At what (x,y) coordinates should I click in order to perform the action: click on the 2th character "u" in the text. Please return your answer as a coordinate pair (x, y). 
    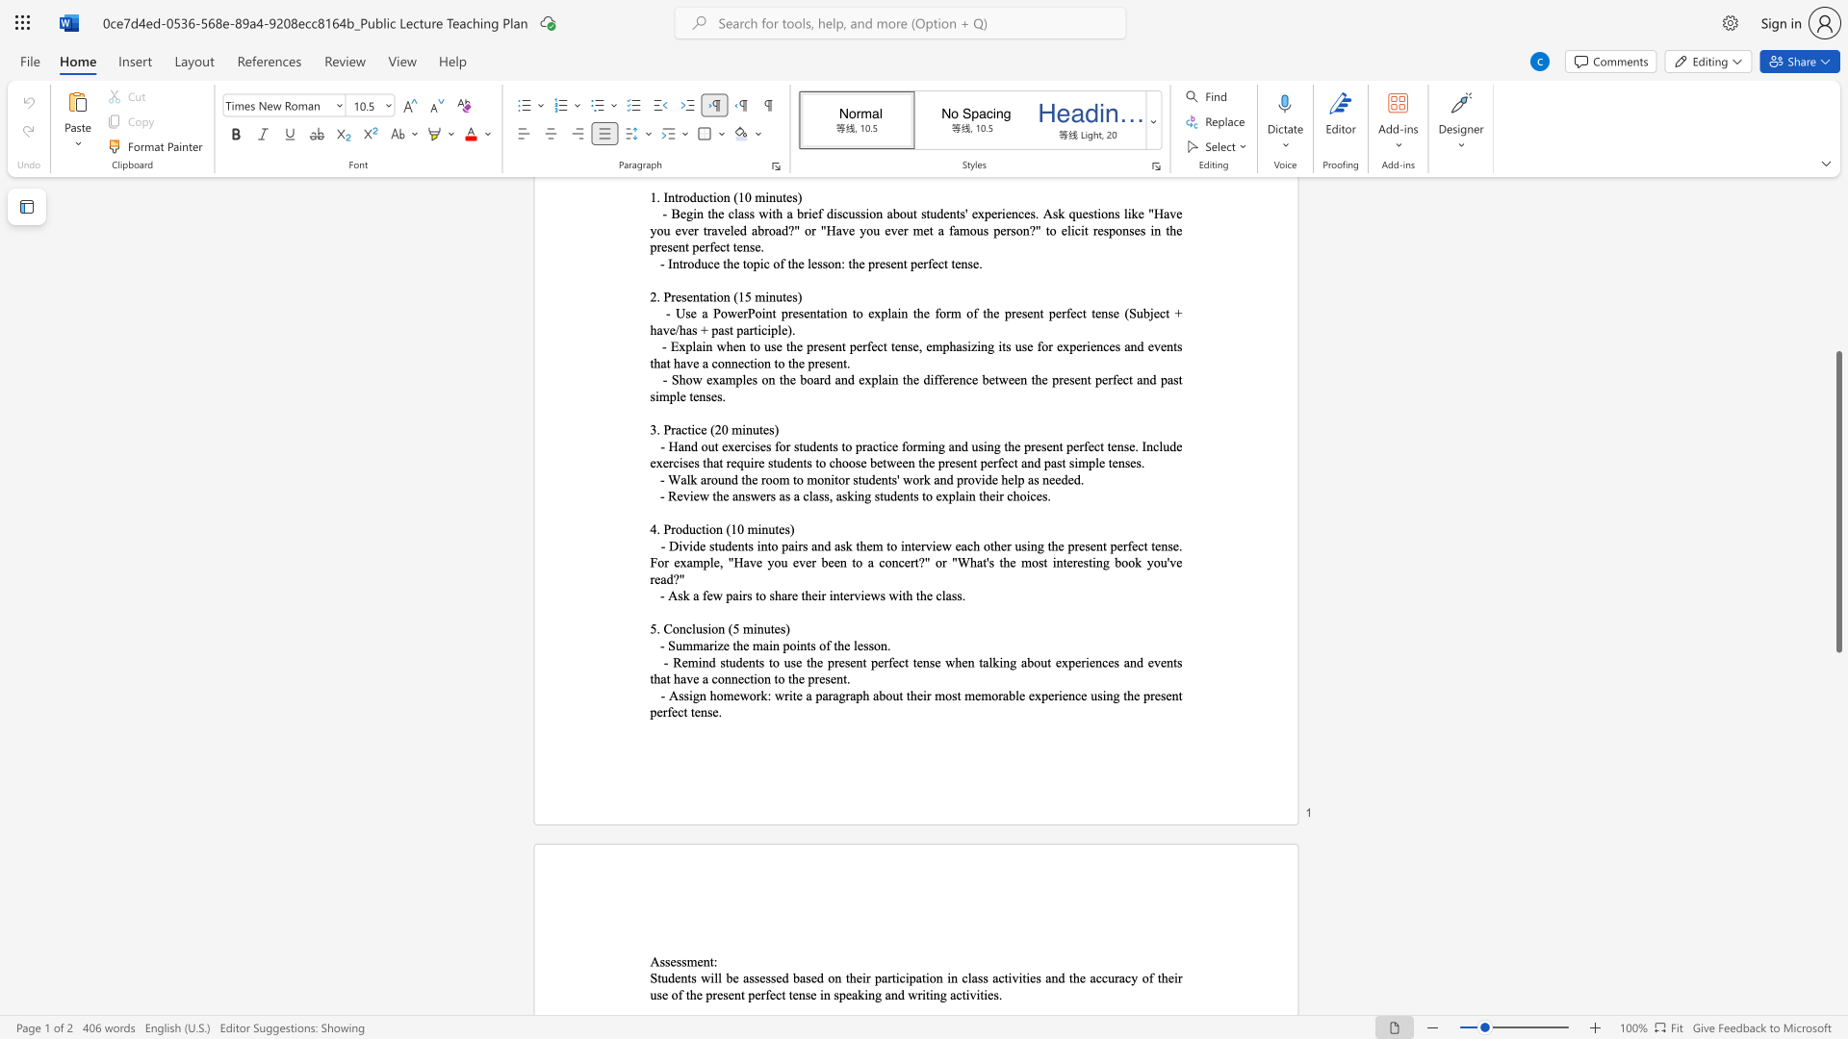
    Looking at the image, I should click on (766, 628).